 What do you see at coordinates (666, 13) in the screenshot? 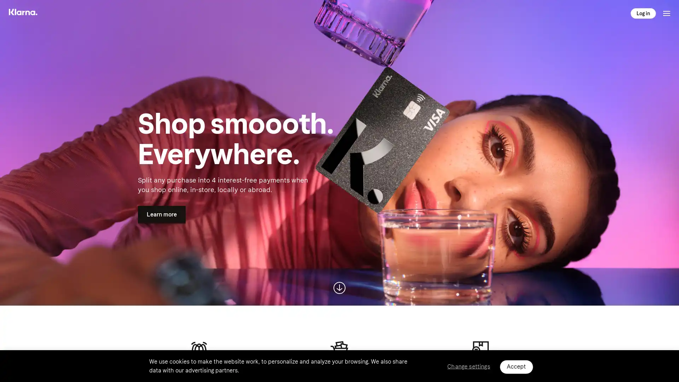
I see `Toggle menu` at bounding box center [666, 13].